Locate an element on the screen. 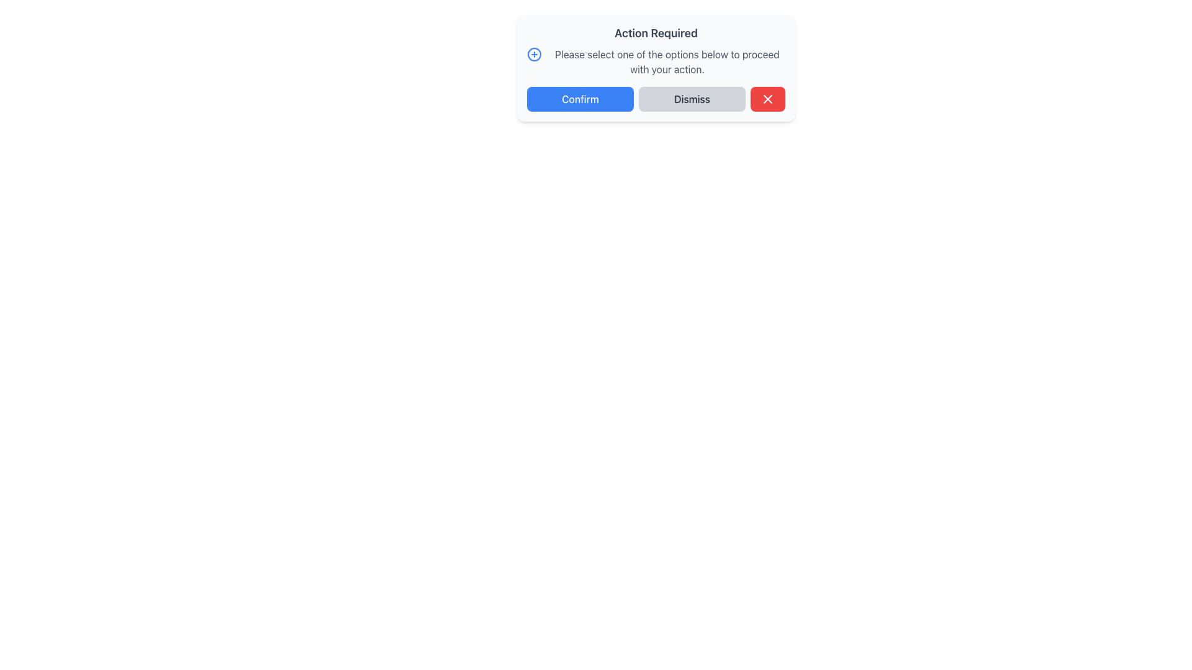  the informative text element that says 'Please select one of the options below to proceed with your action.' which is paired with a blue circular plus icon is located at coordinates (655, 62).